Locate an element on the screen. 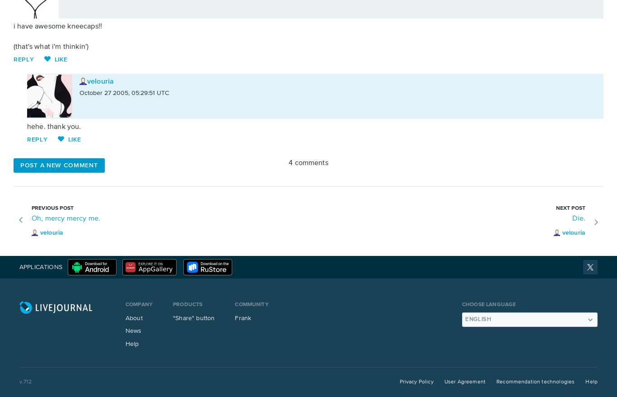  'English' is located at coordinates (477, 319).